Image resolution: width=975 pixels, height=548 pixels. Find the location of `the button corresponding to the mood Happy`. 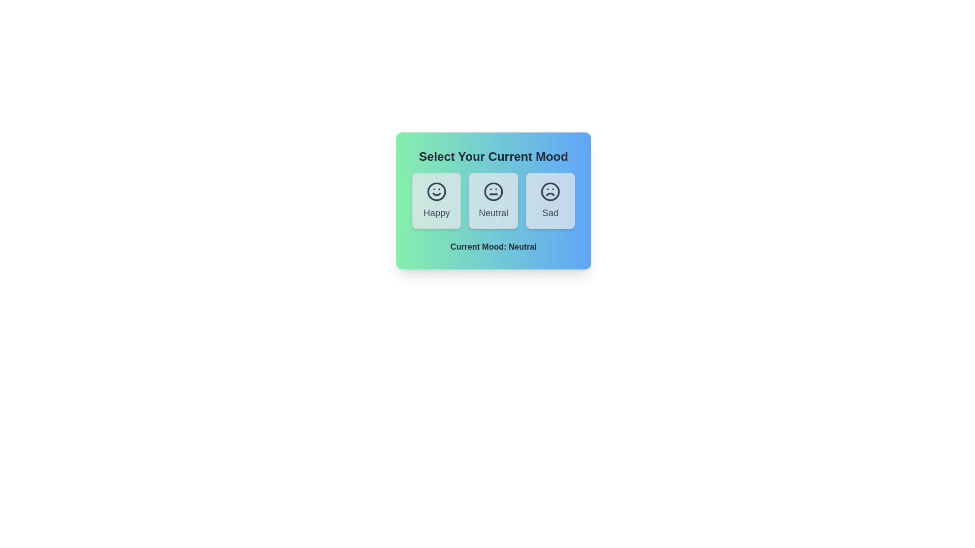

the button corresponding to the mood Happy is located at coordinates (436, 201).